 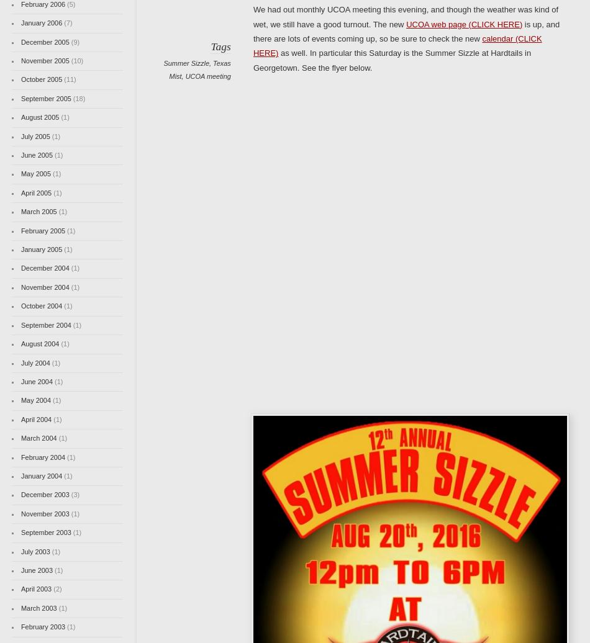 I want to click on 'June 2004', so click(x=20, y=381).